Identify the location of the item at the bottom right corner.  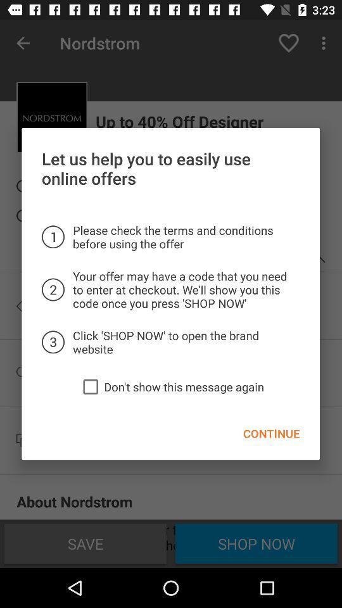
(270, 433).